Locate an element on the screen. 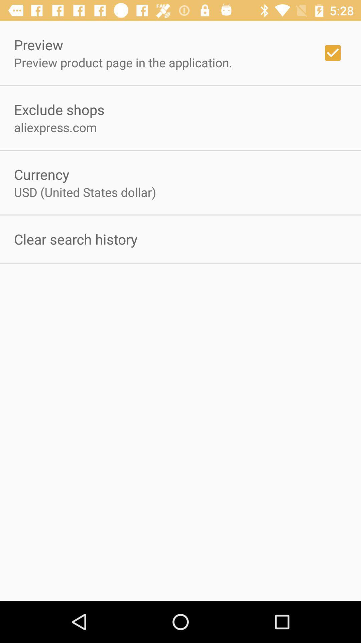 The image size is (361, 643). the app above the aliexpress.com icon is located at coordinates (59, 109).